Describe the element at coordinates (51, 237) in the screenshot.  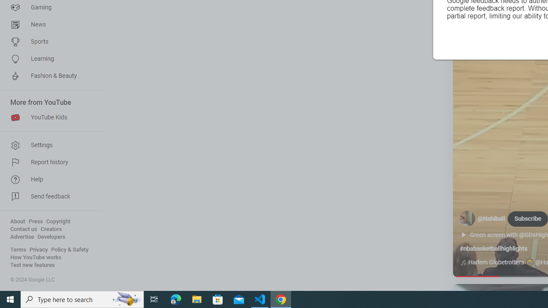
I see `'Developers'` at that location.